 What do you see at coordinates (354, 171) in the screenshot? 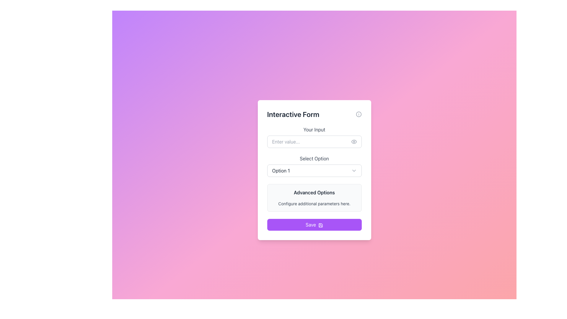
I see `the Chevron Down icon located at the right end of the 'Select Option' input field` at bounding box center [354, 171].